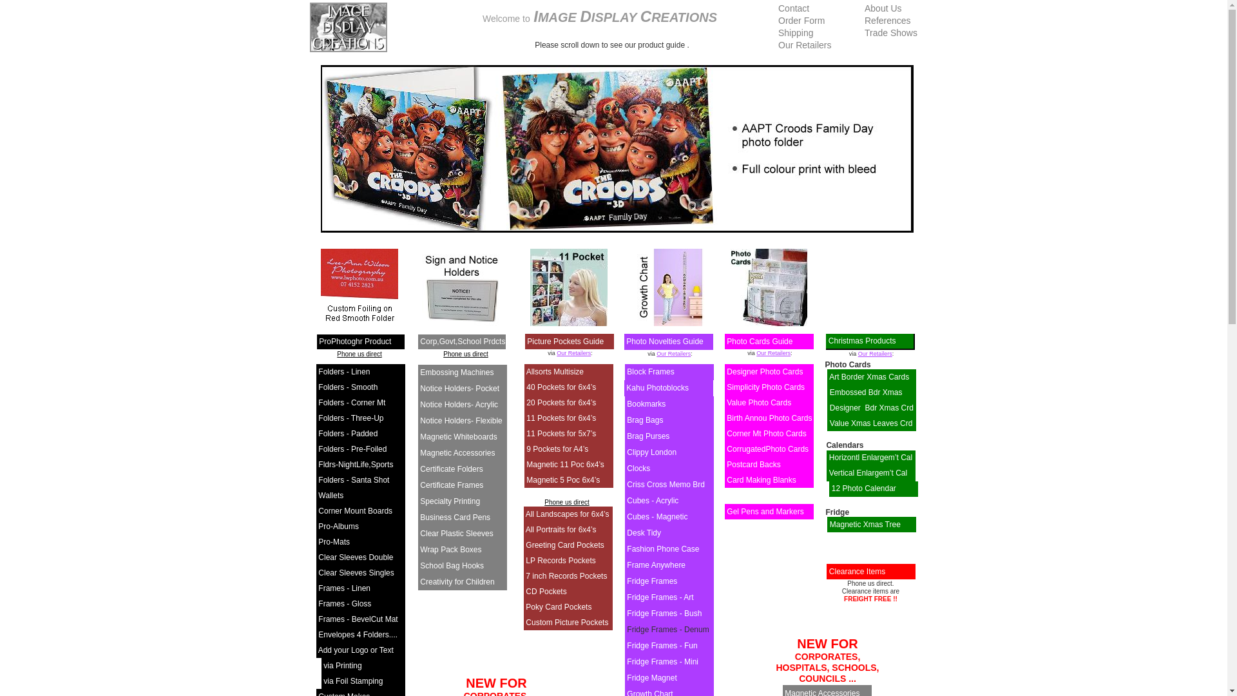 The height and width of the screenshot is (696, 1237). Describe the element at coordinates (868, 377) in the screenshot. I see `'Art Border Xmas Cards'` at that location.